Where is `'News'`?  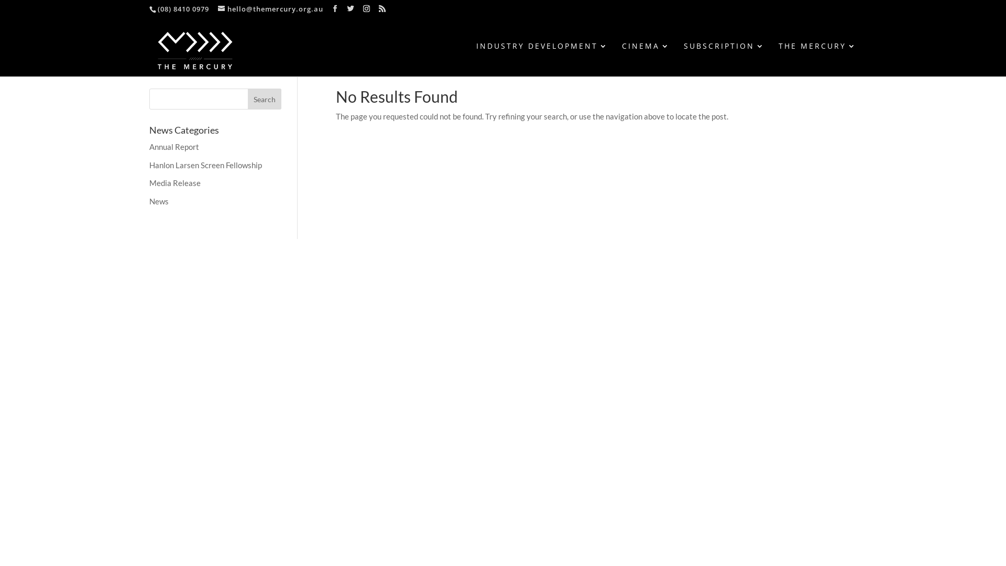
'News' is located at coordinates (158, 200).